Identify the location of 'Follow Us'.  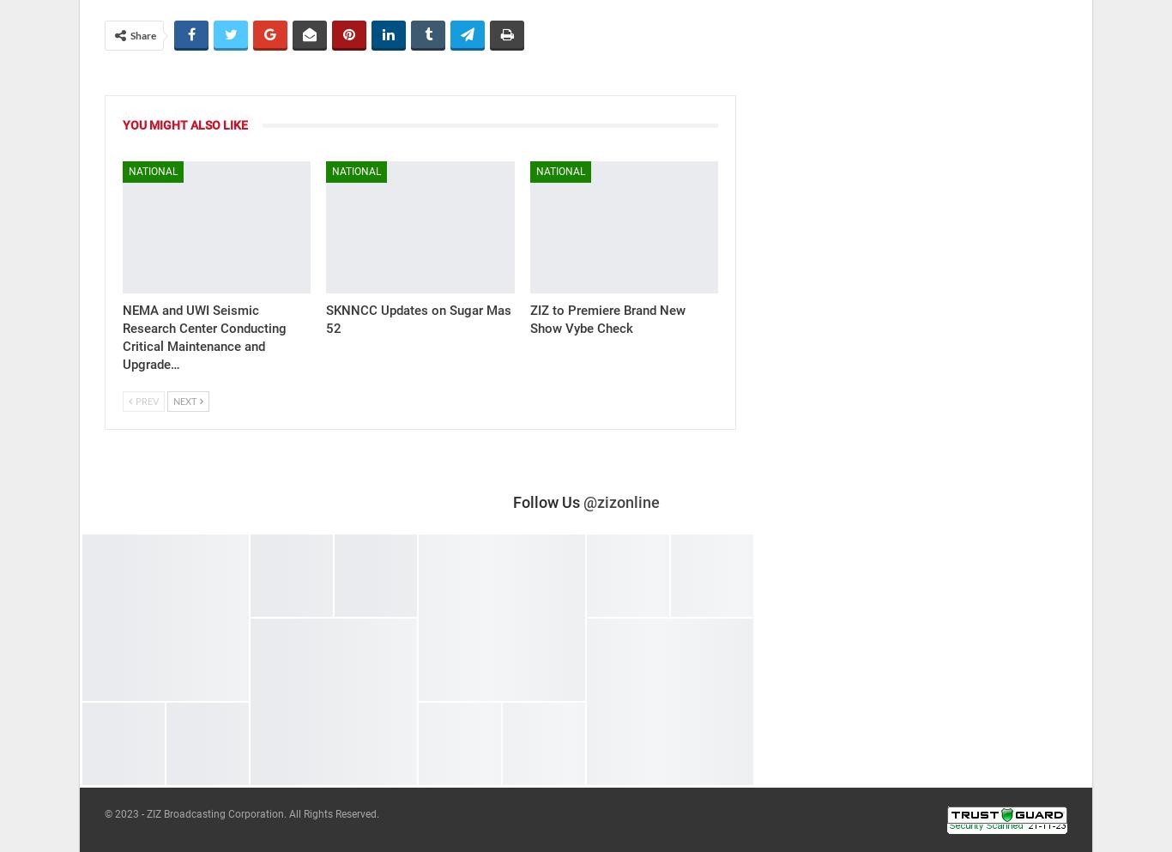
(547, 501).